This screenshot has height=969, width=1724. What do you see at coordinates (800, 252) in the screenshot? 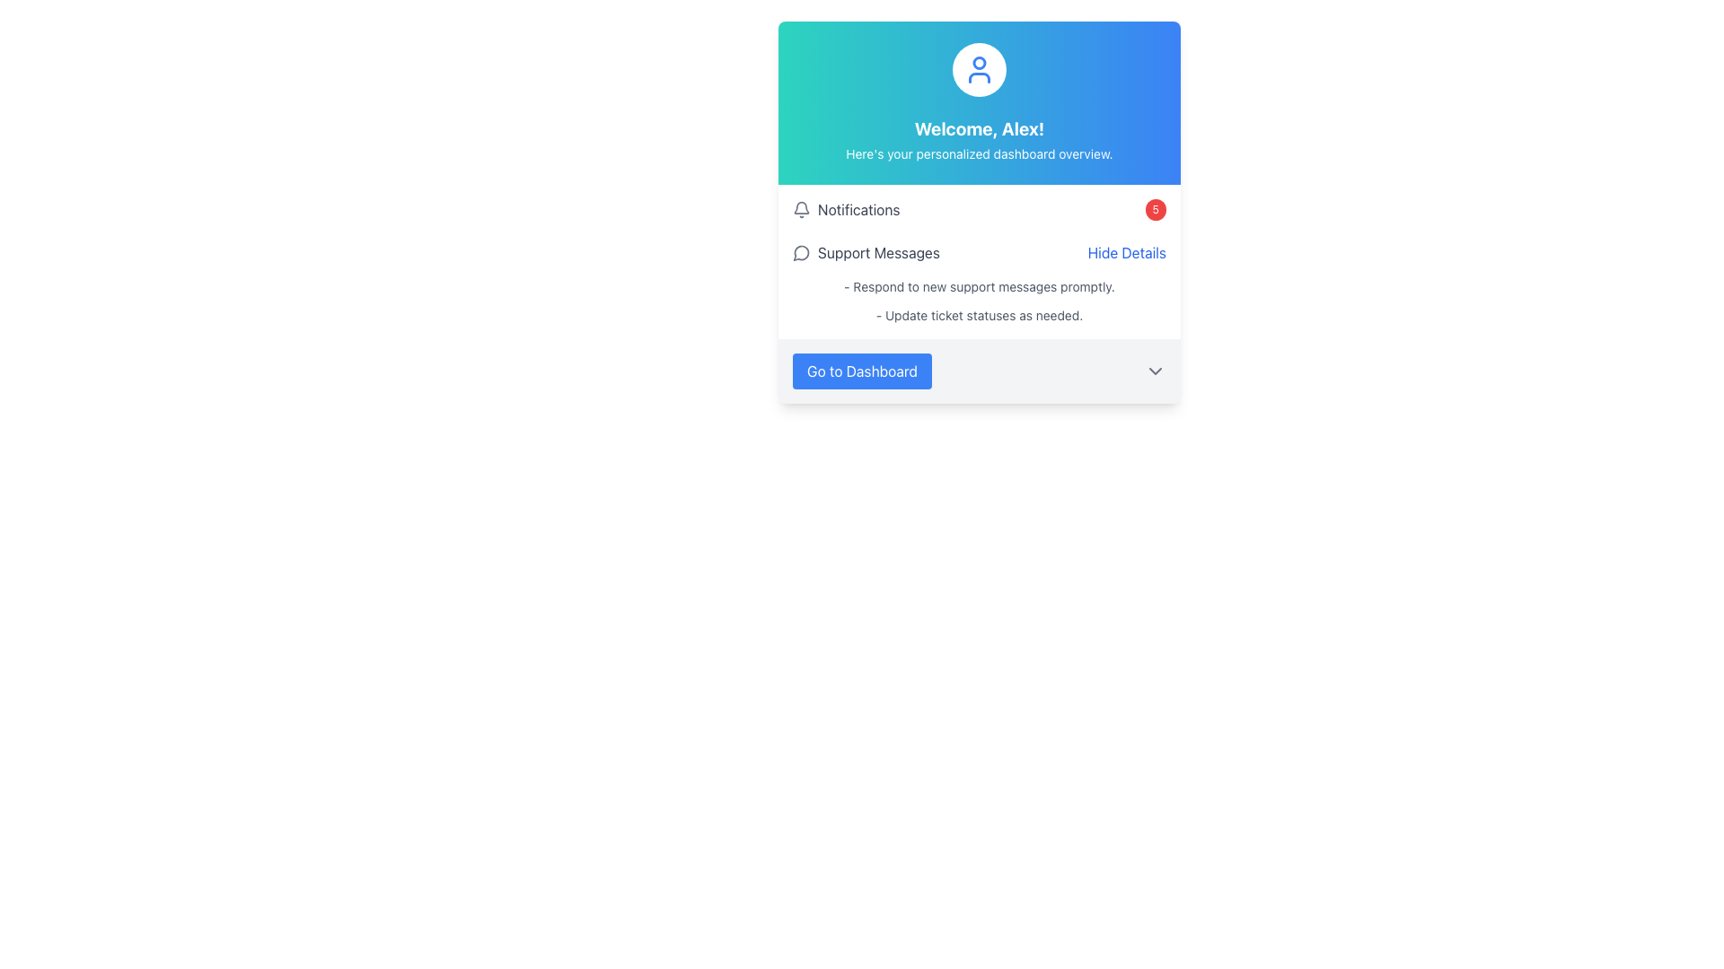
I see `the chat bubble icon located to the left of the 'Support Messages' text, which serves as a visual indicator for this section` at bounding box center [800, 252].